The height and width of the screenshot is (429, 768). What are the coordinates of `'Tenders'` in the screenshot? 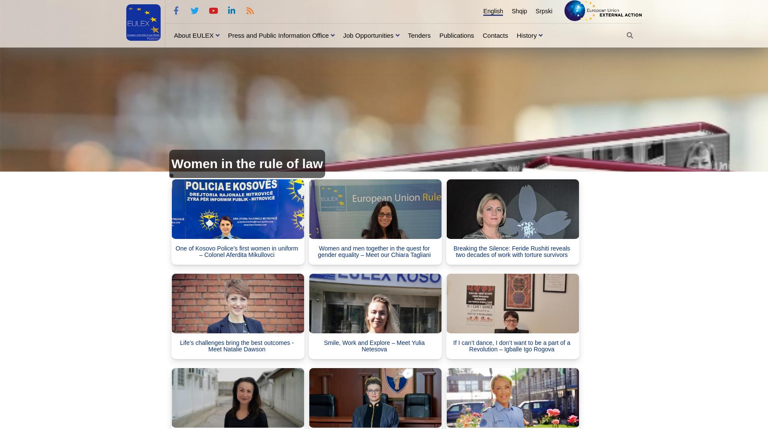 It's located at (419, 34).